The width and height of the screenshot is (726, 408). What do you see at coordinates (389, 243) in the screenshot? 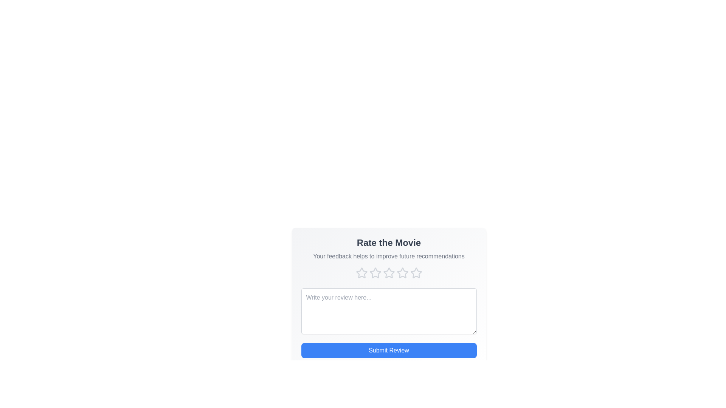
I see `the text label that serves as the header for the rating section, located at the top of a card-style component` at bounding box center [389, 243].